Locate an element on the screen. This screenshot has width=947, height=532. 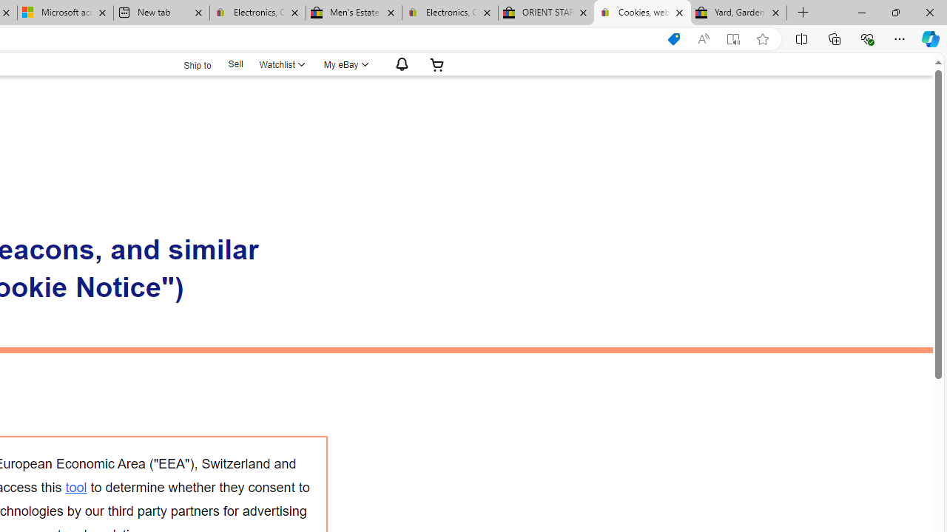
'My eBay' is located at coordinates (344, 64).